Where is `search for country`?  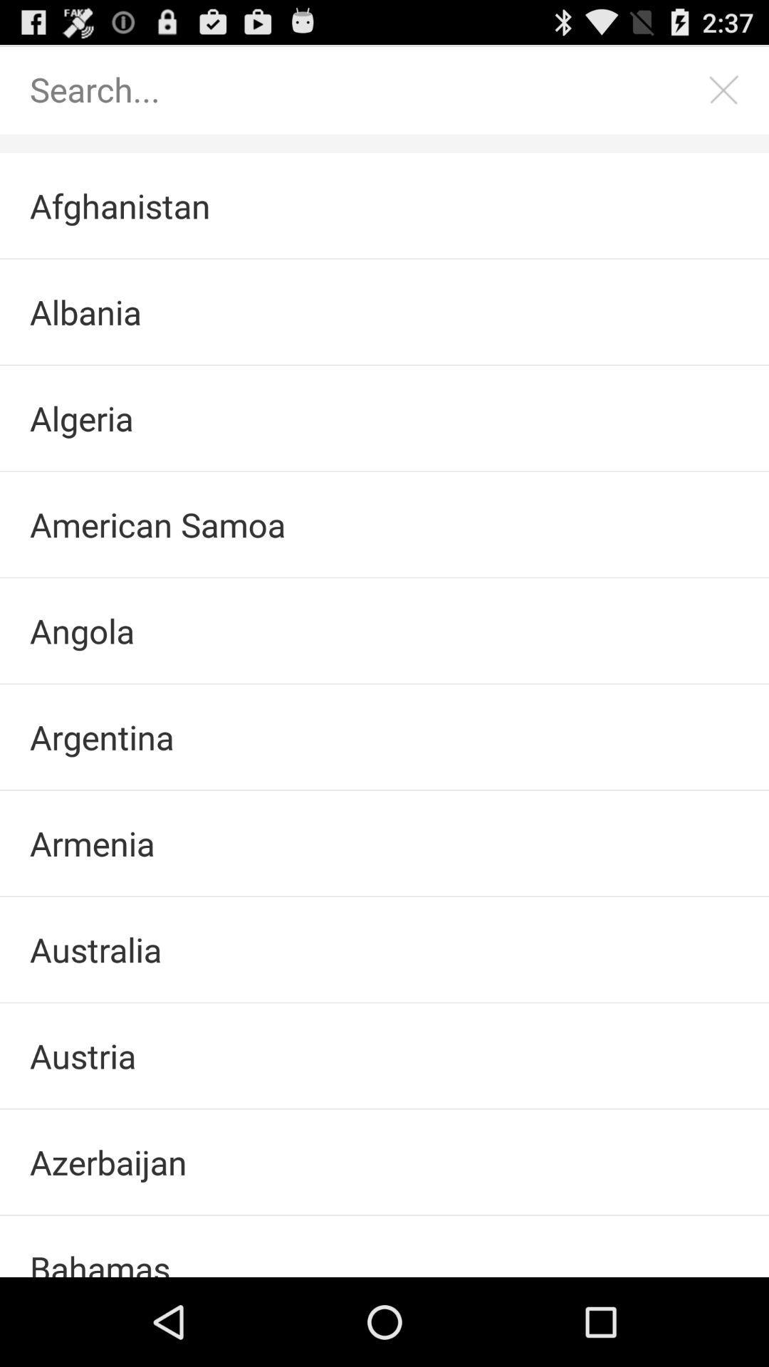 search for country is located at coordinates (369, 88).